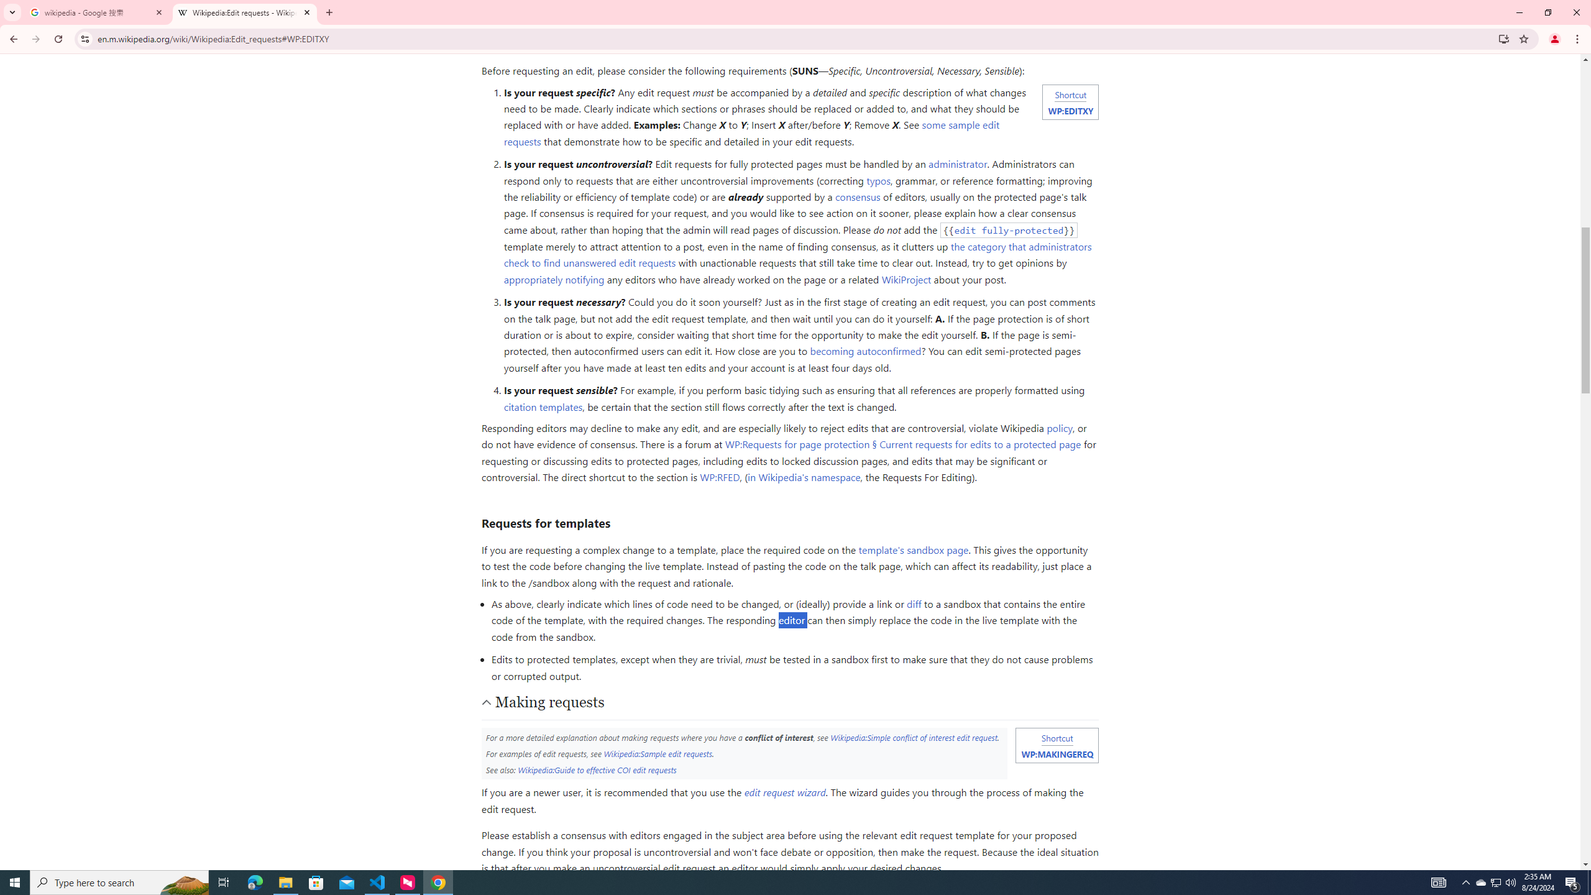  I want to click on 'citation templates', so click(542, 406).